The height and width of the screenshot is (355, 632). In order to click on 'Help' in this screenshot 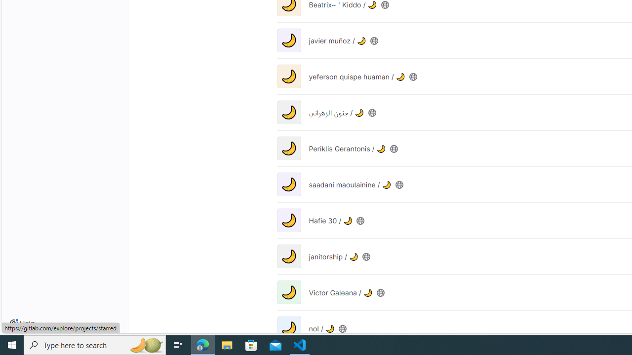, I will do `click(22, 323)`.